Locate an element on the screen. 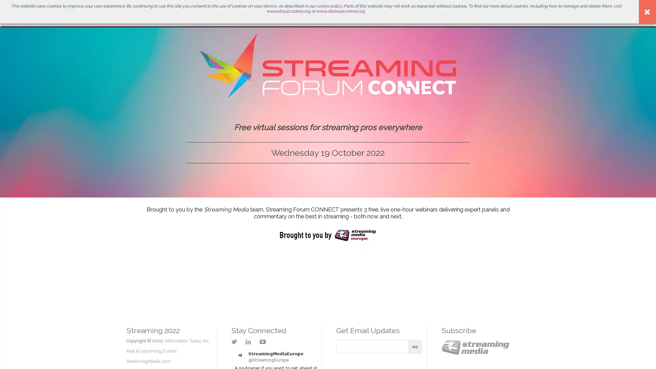 This screenshot has width=656, height=369. Go is located at coordinates (414, 346).